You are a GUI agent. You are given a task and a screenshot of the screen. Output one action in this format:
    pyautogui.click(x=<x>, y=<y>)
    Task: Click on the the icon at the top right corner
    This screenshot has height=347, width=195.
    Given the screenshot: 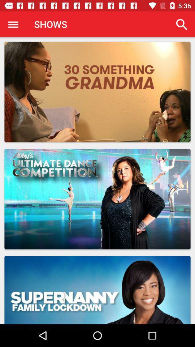 What is the action you would take?
    pyautogui.click(x=181, y=24)
    